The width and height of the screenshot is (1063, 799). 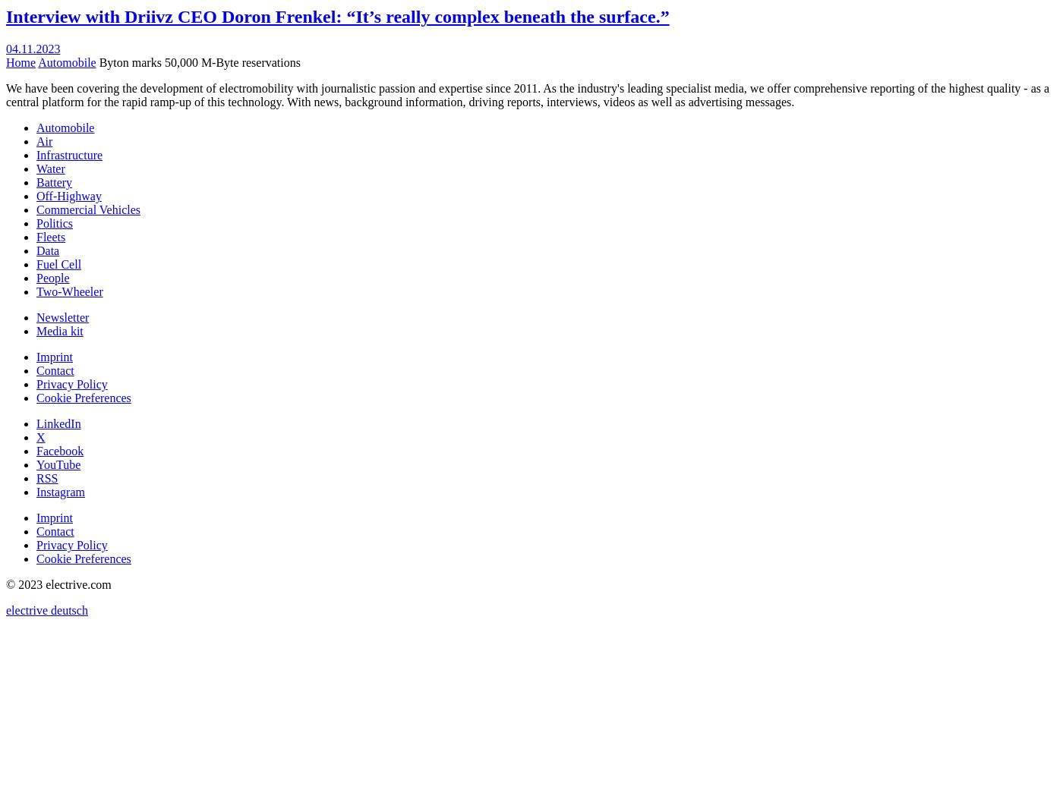 What do you see at coordinates (21, 61) in the screenshot?
I see `'Home'` at bounding box center [21, 61].